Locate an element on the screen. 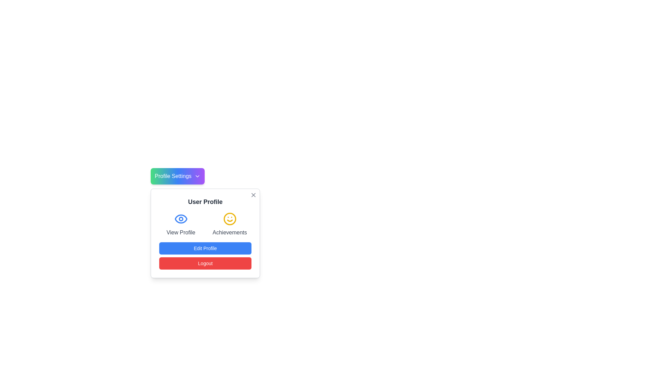  the smiley face icon representing 'Achievements' in the User Profile modal, located above the 'Achievements' label and to the right of the 'View Profile' section is located at coordinates (230, 219).